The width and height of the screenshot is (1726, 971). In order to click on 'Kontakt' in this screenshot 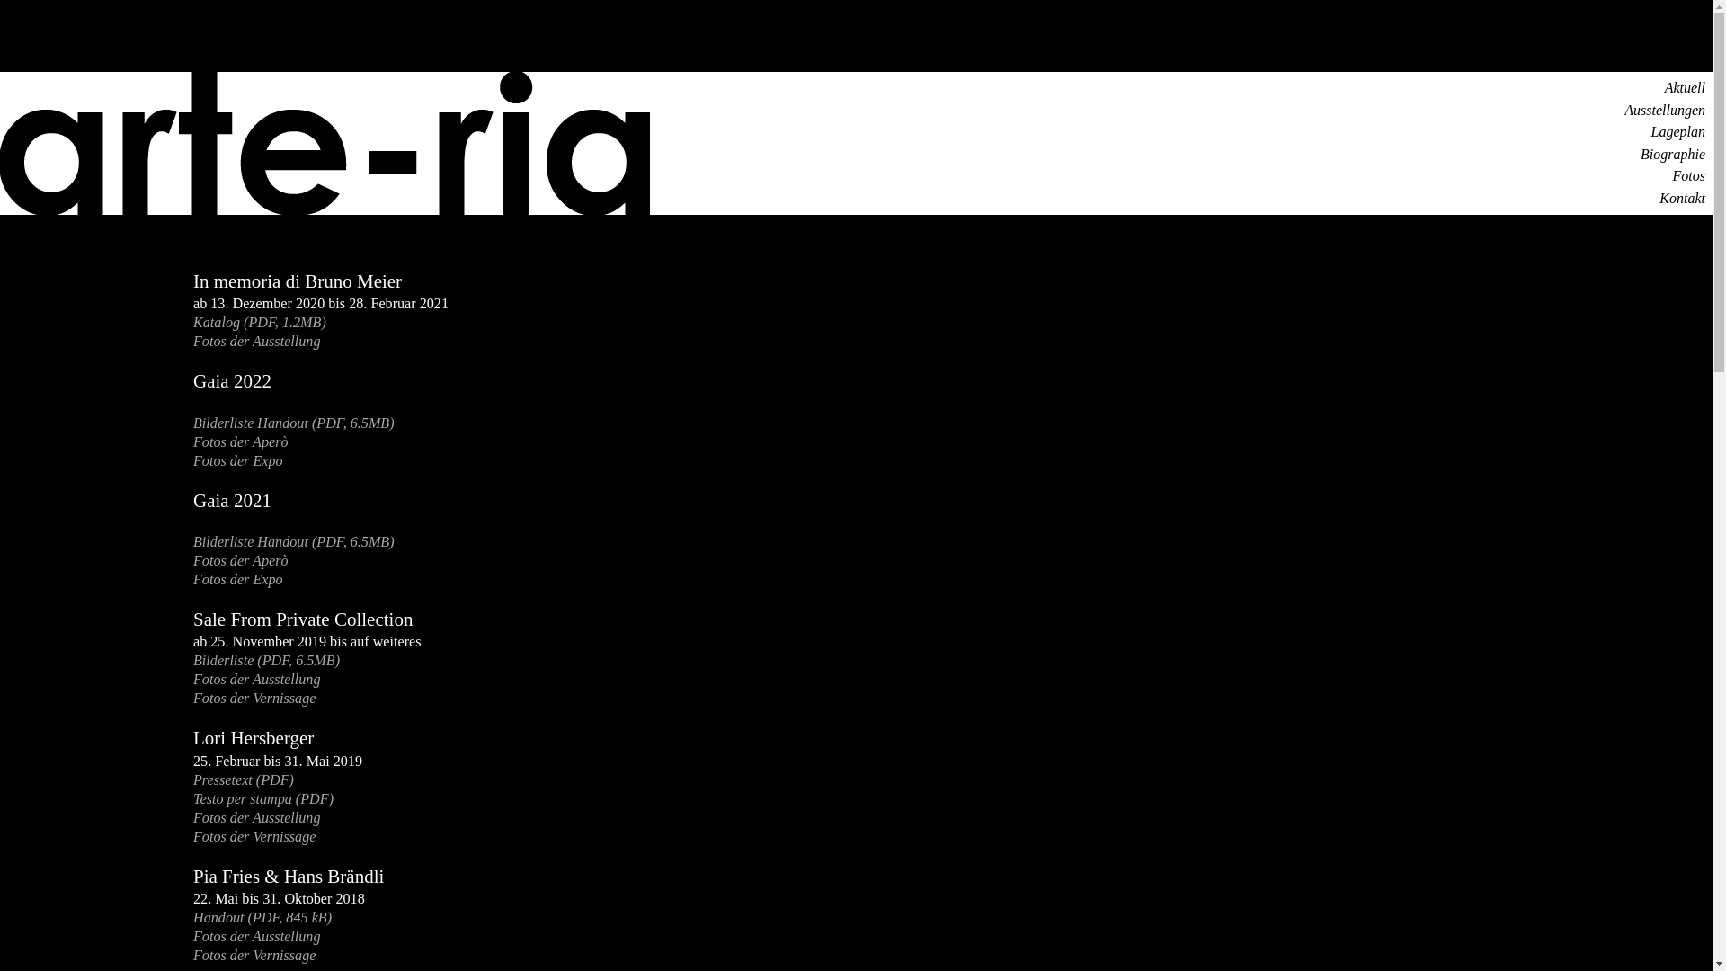, I will do `click(1659, 198)`.